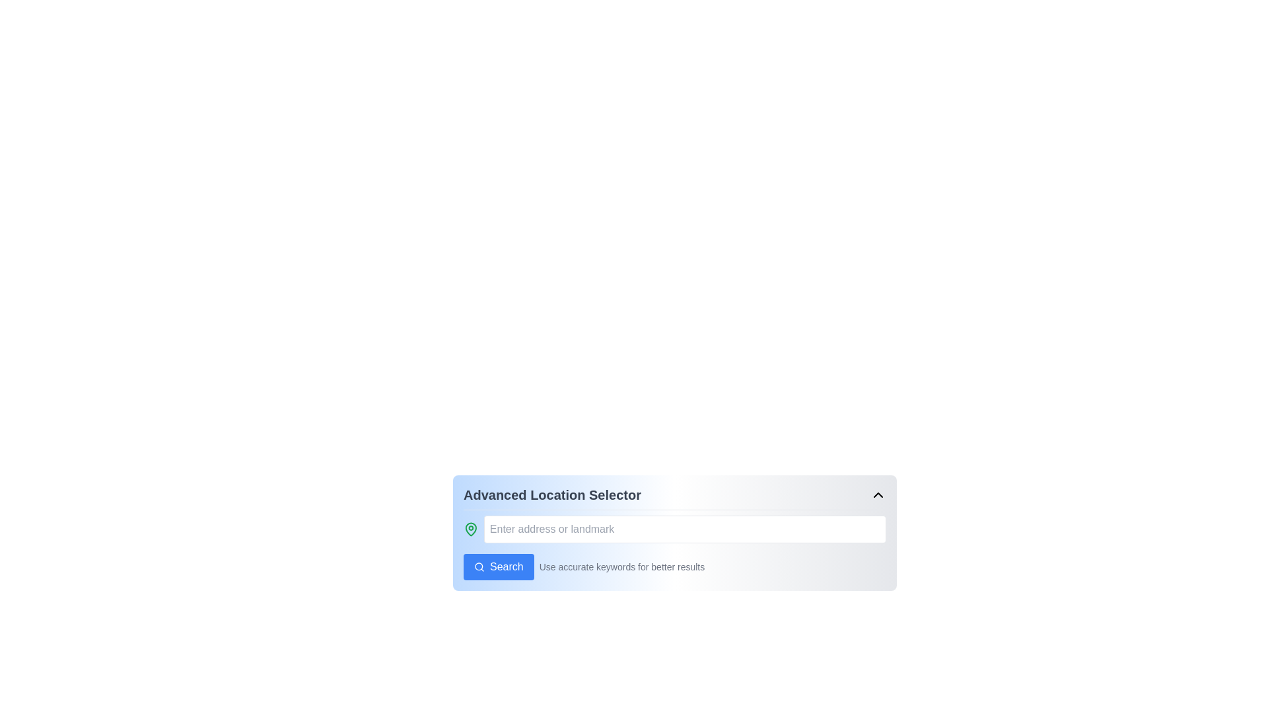 The height and width of the screenshot is (713, 1268). I want to click on guidance text 'Use accurate keywords for better results' located next to the 'Search' button in the lower section of the 'Advanced Location Selector' area, so click(675, 566).